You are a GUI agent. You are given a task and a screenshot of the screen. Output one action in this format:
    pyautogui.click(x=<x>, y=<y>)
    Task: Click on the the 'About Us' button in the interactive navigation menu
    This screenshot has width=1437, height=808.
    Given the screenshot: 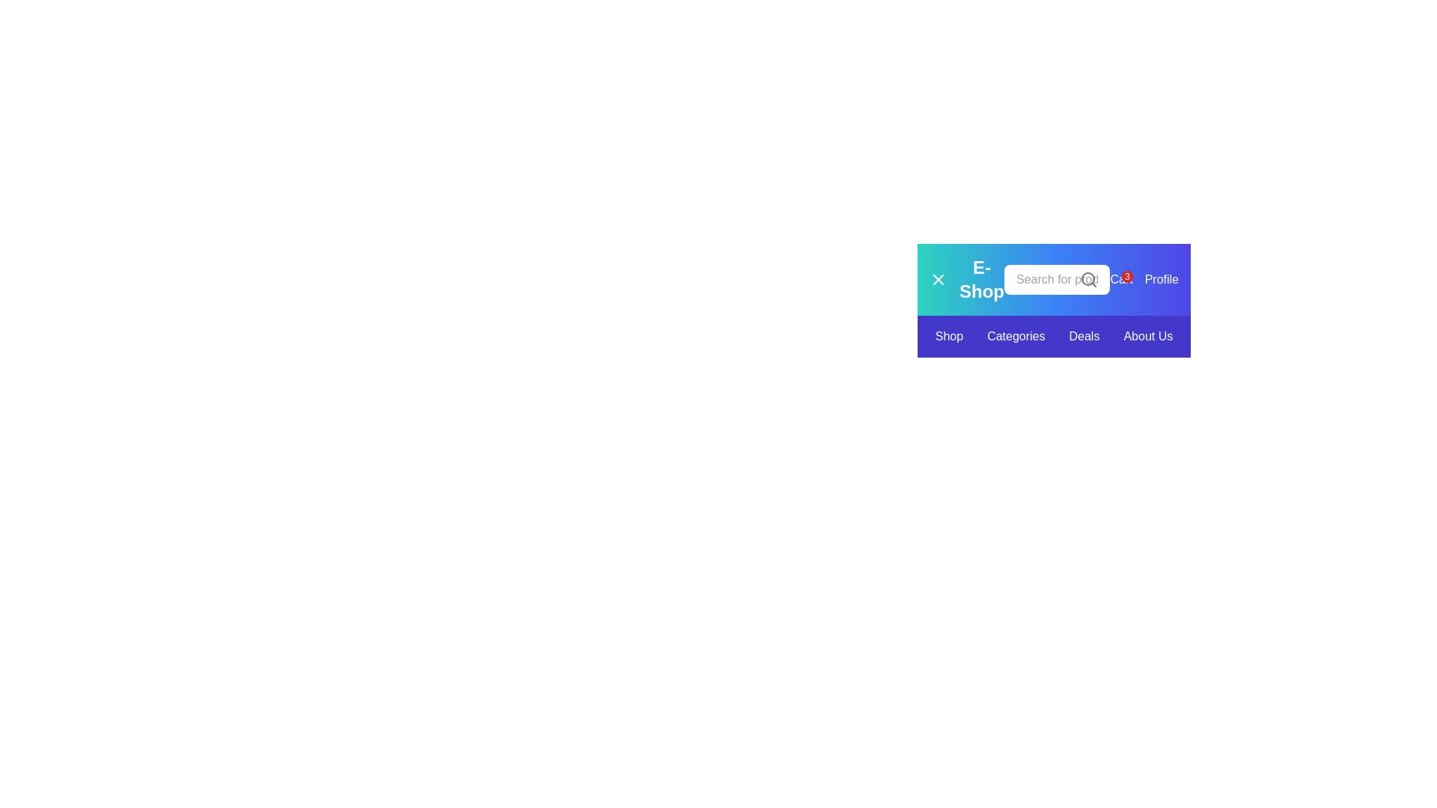 What is the action you would take?
    pyautogui.click(x=1147, y=334)
    